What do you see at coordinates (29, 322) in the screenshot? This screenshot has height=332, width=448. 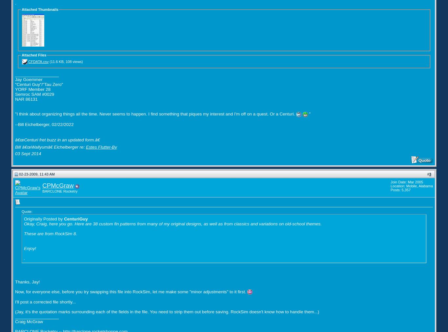 I see `'Craig McGraw'` at bounding box center [29, 322].